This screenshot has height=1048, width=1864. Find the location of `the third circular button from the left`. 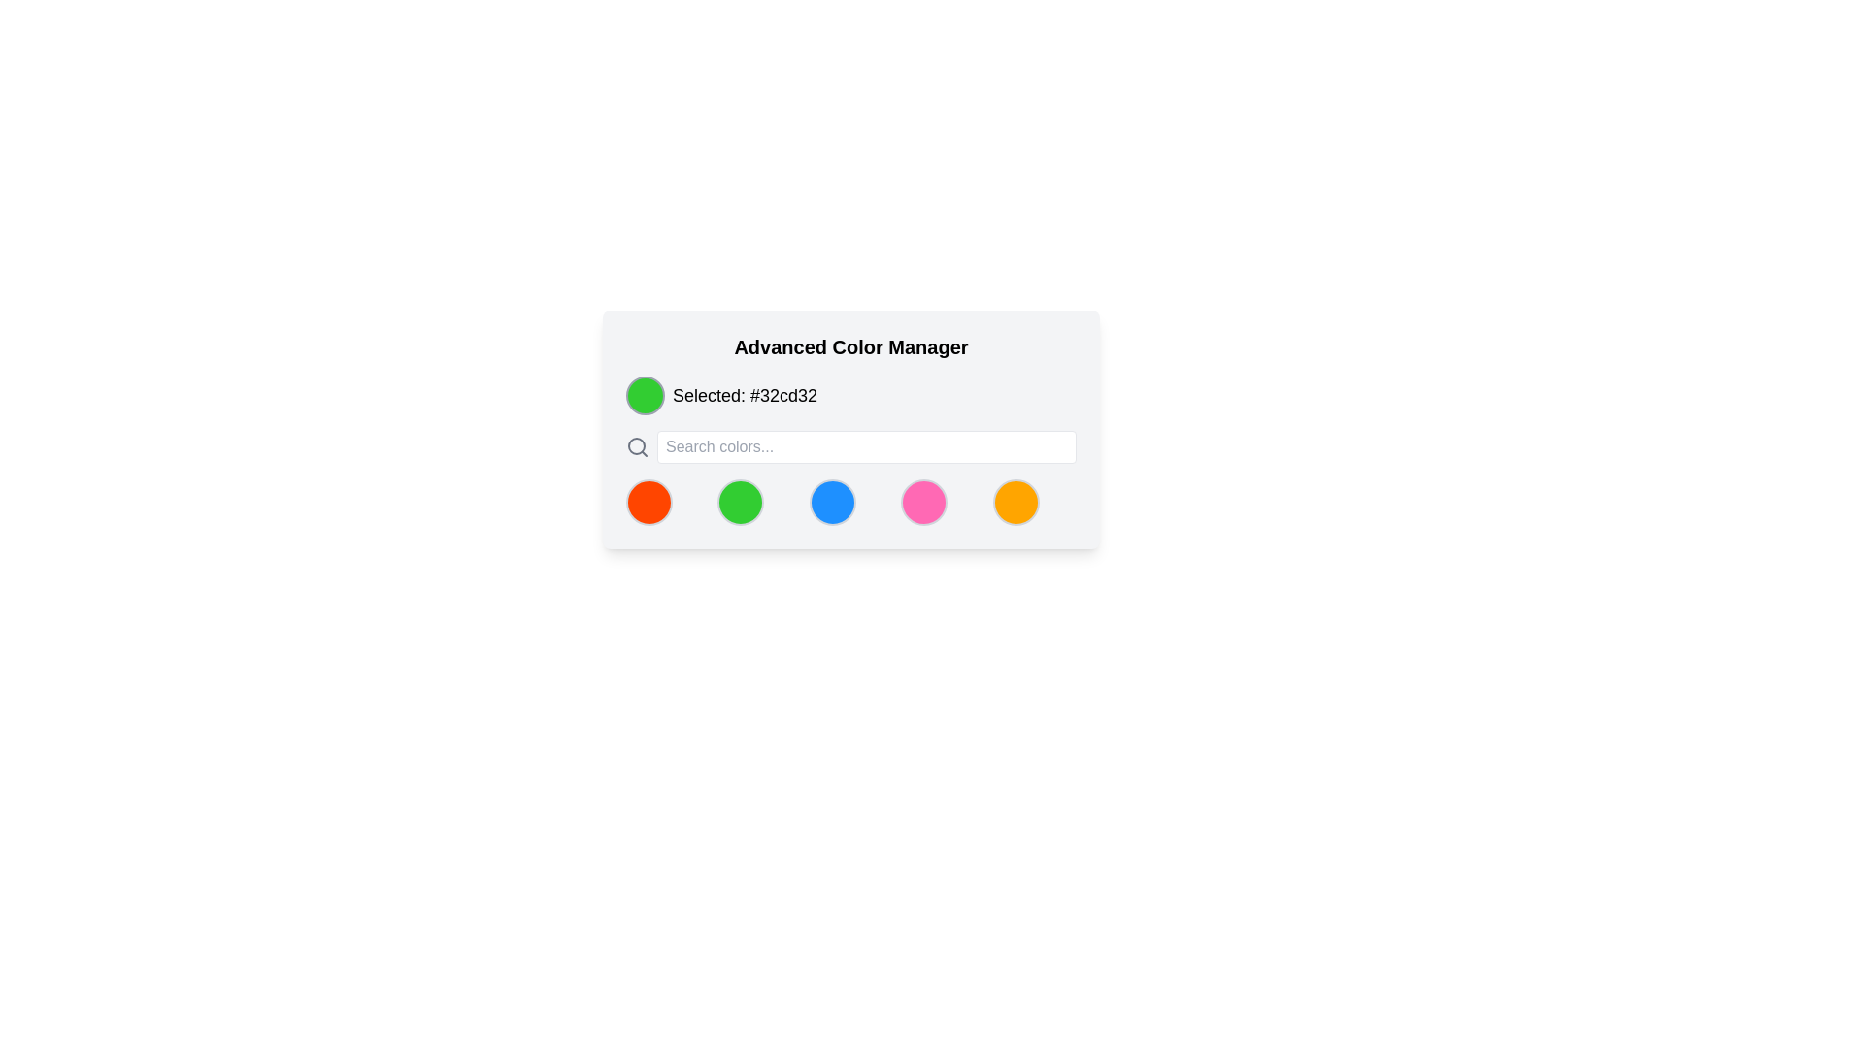

the third circular button from the left is located at coordinates (832, 501).